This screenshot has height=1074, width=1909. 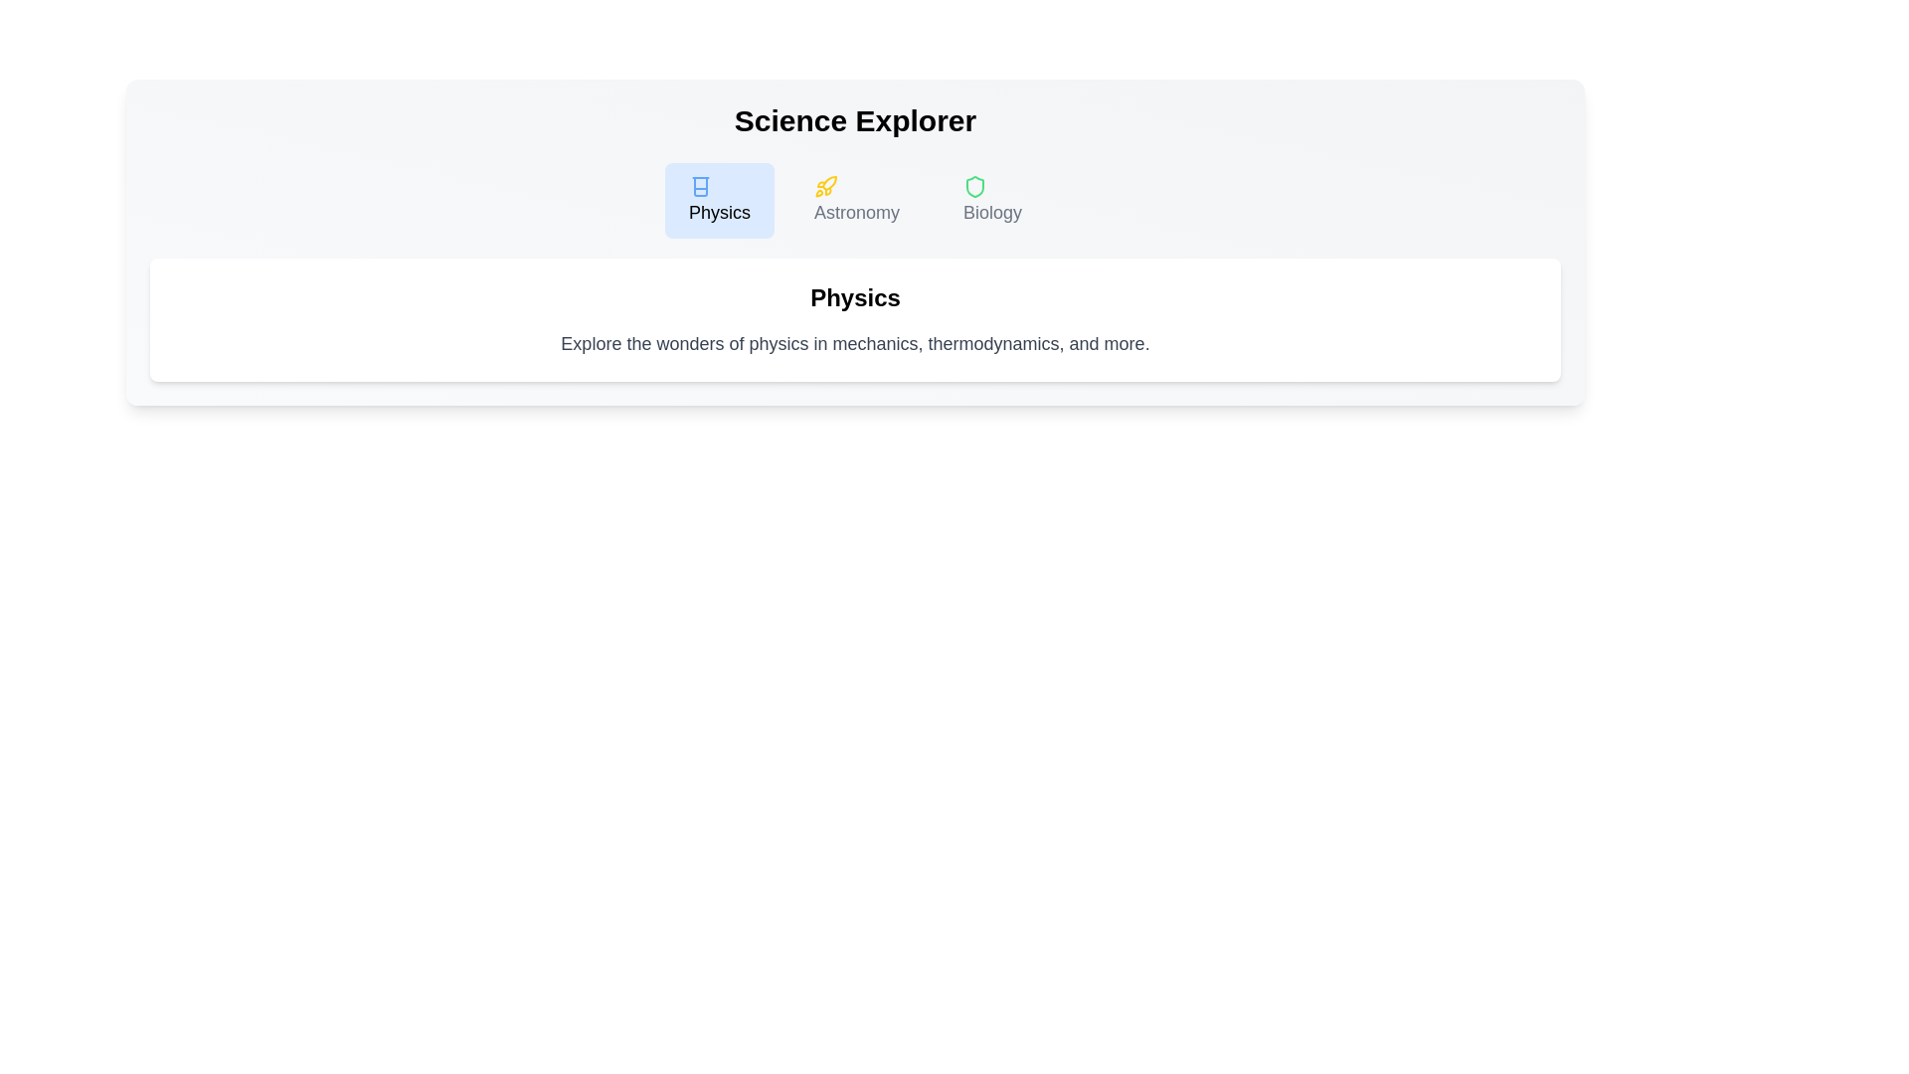 I want to click on the Physics tab by clicking on its respective button, so click(x=719, y=200).